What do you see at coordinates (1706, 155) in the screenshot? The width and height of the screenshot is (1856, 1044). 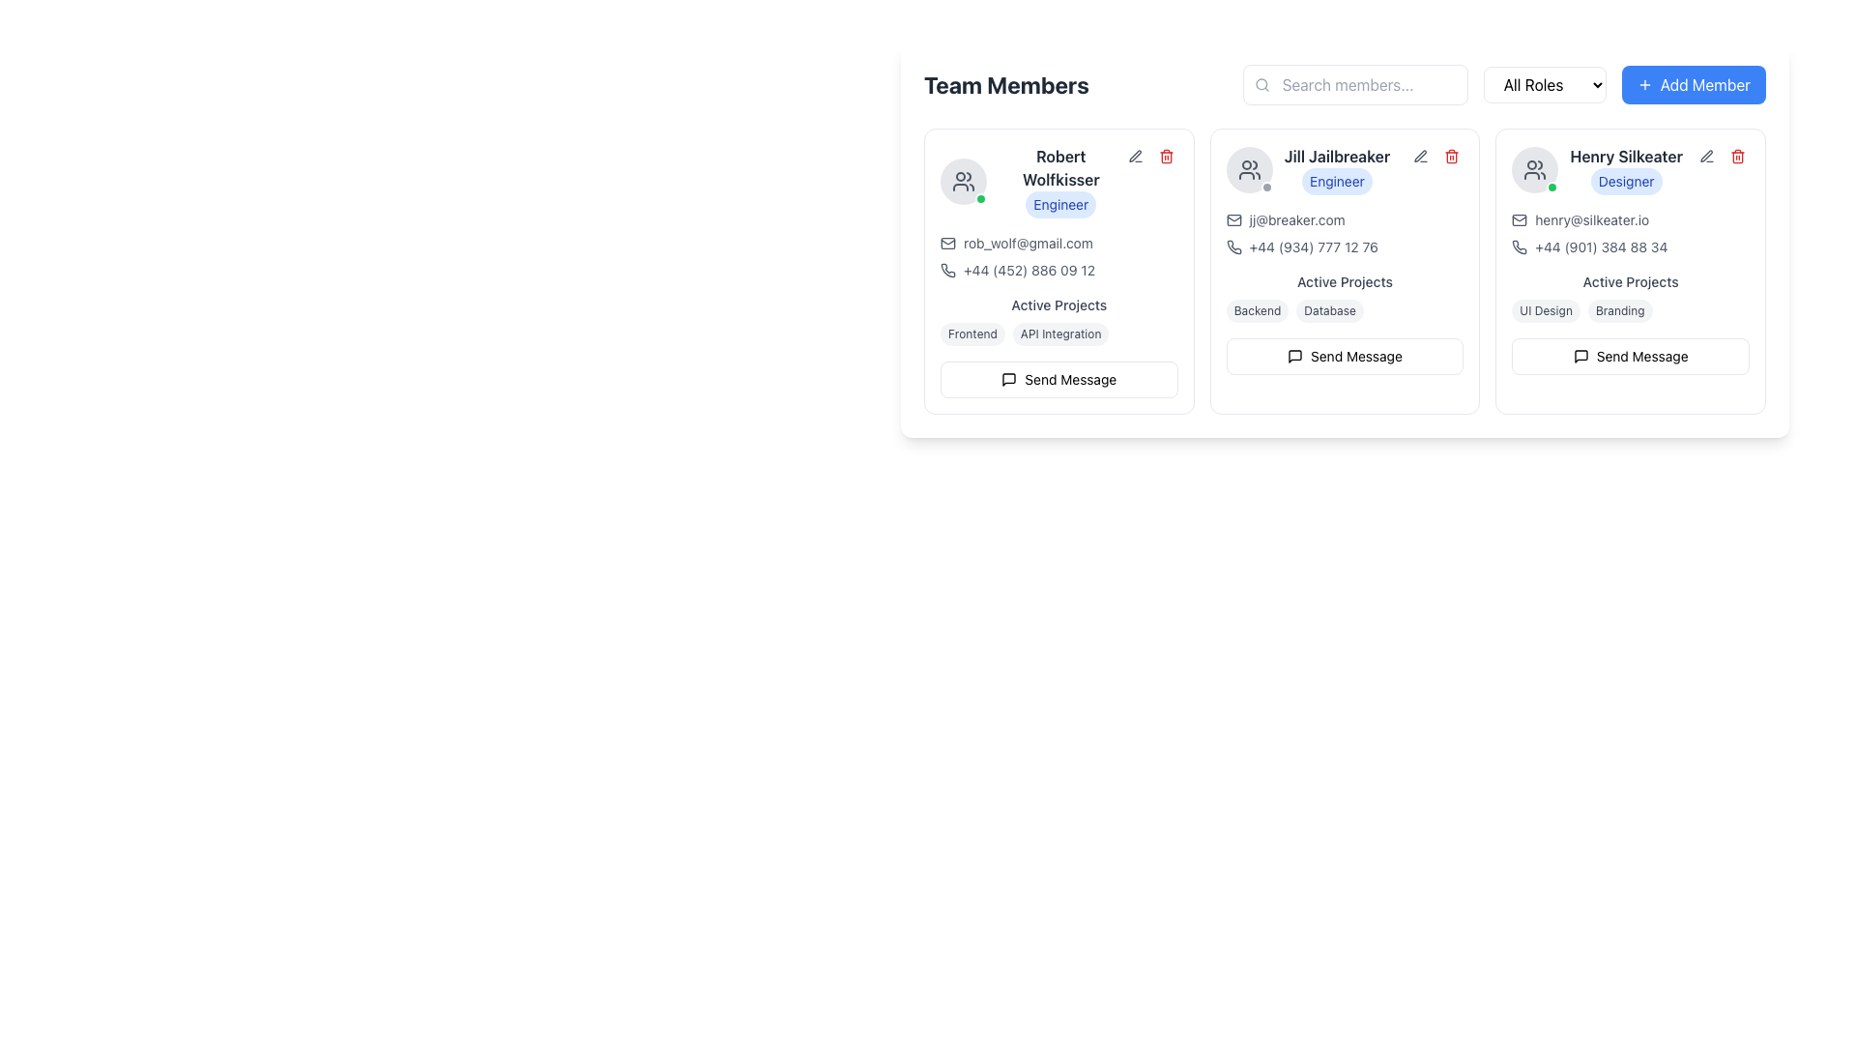 I see `the edit icon button located at the top right corner of the user card for 'Henry Silkeater'` at bounding box center [1706, 155].